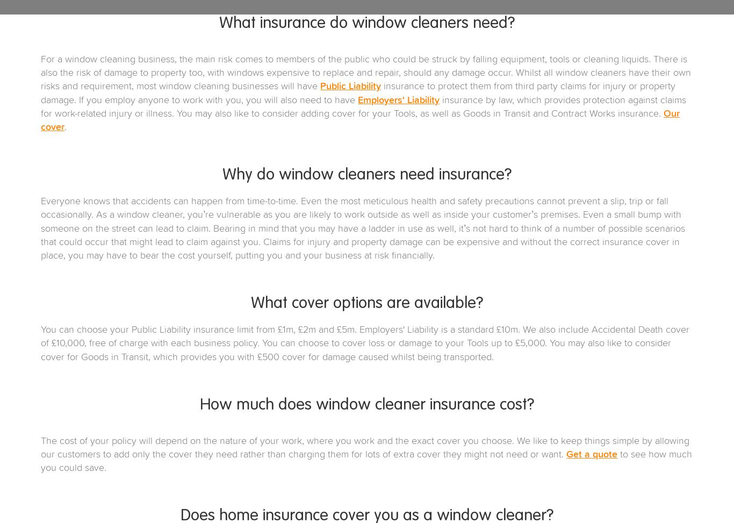  What do you see at coordinates (363, 106) in the screenshot?
I see `'insurance by law, which provides protection against claims for work-related injury or illness. You may also like to consider adding cover for your Tools, as well as Goods in Transit and Contract Works insurance.'` at bounding box center [363, 106].